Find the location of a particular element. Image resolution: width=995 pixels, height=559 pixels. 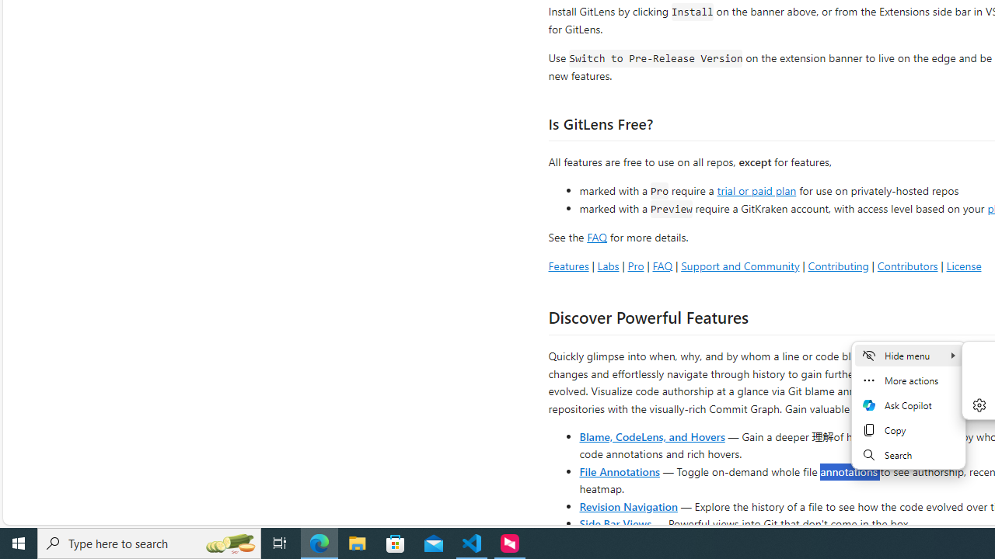

'Support and Community' is located at coordinates (739, 265).